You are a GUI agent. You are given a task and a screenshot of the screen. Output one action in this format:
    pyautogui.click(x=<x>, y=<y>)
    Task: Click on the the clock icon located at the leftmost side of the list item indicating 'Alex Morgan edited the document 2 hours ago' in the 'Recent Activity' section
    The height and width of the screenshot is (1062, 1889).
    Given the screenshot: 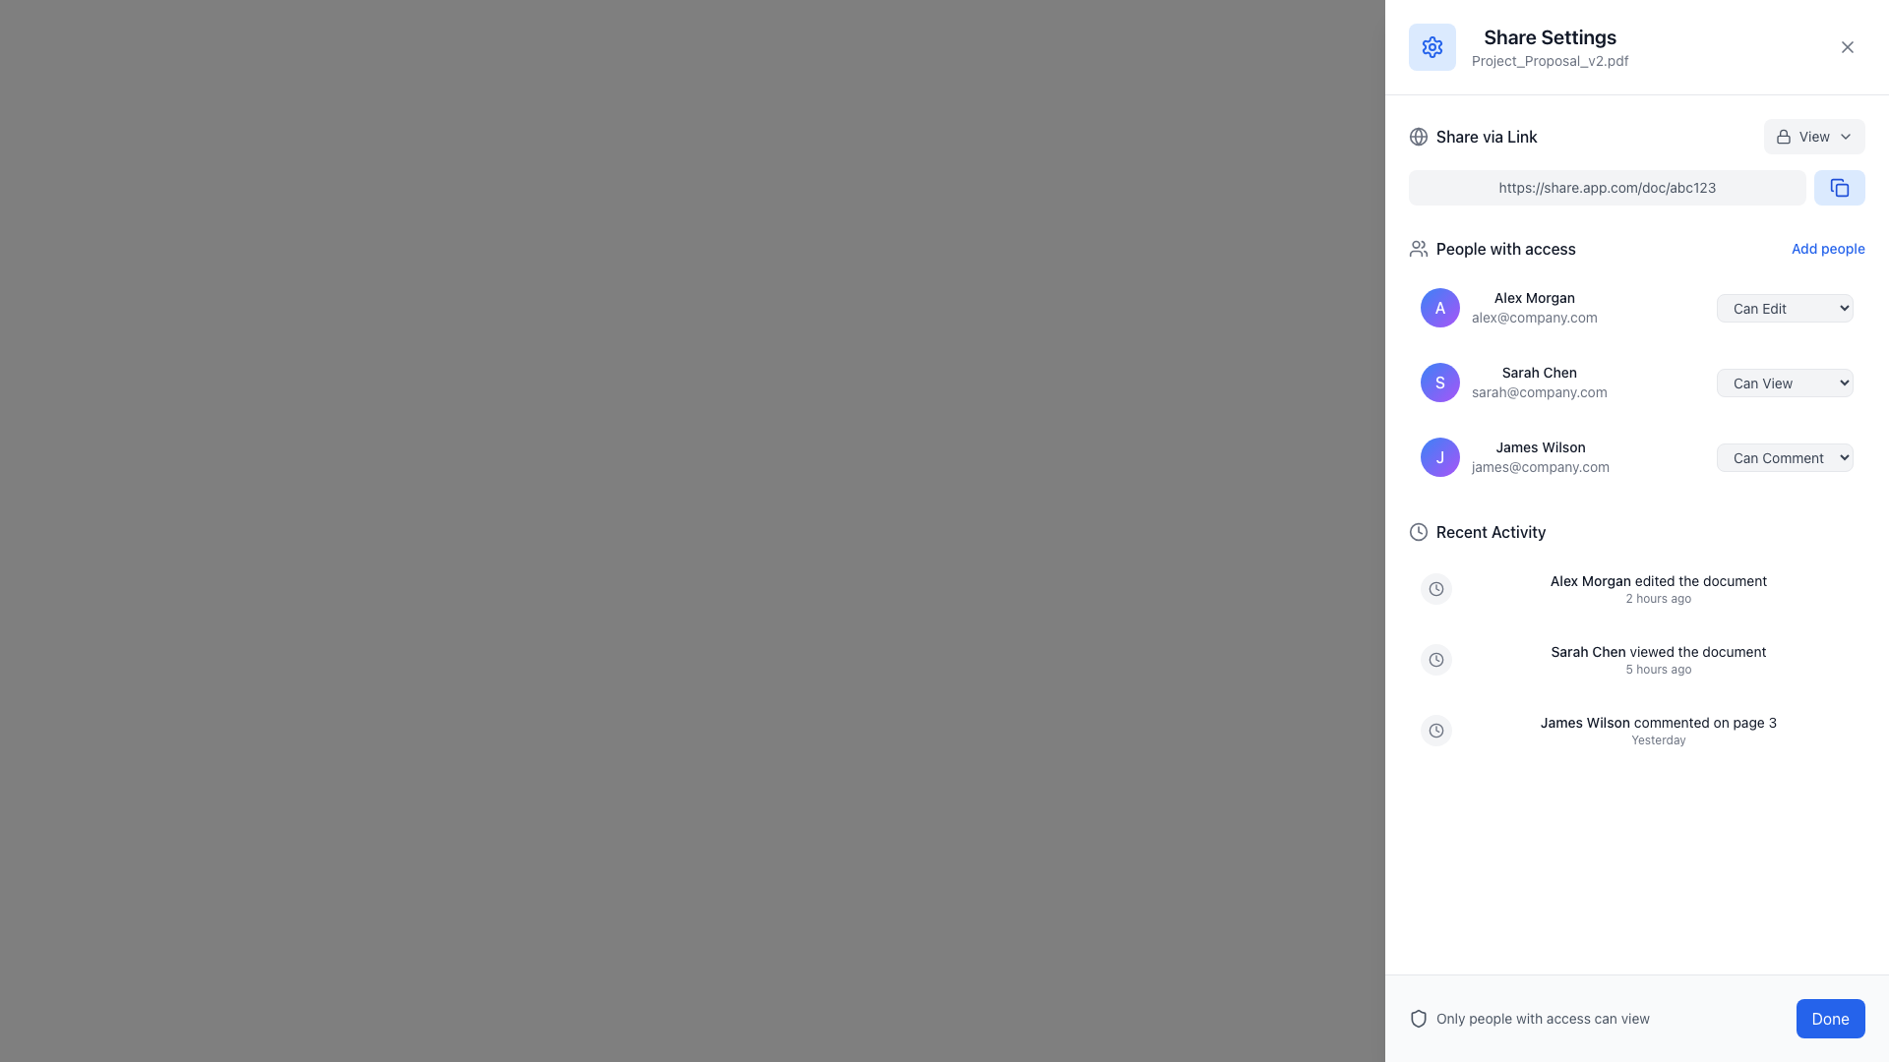 What is the action you would take?
    pyautogui.click(x=1435, y=587)
    